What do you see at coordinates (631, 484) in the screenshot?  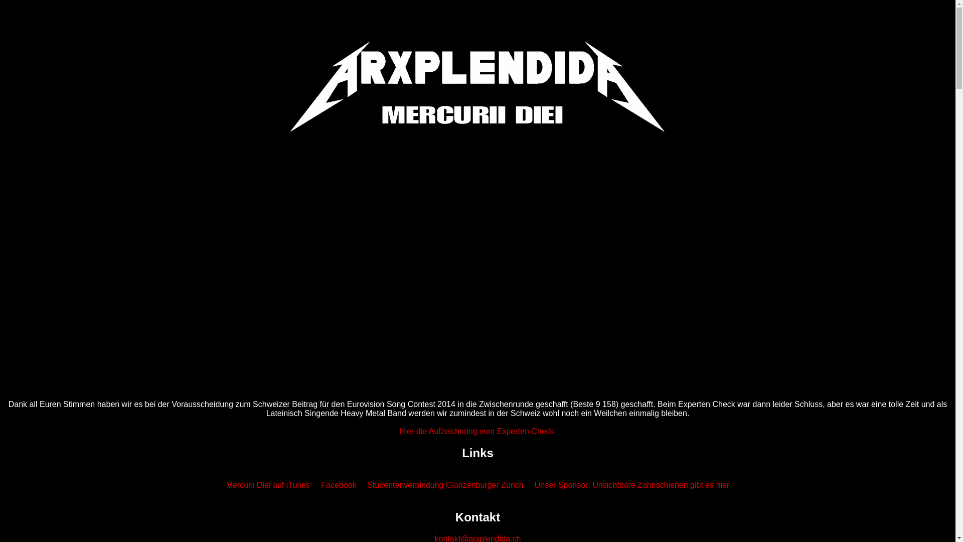 I see `'Unser Sponsor: Unsichtbare Zahnschienen gibt es hier'` at bounding box center [631, 484].